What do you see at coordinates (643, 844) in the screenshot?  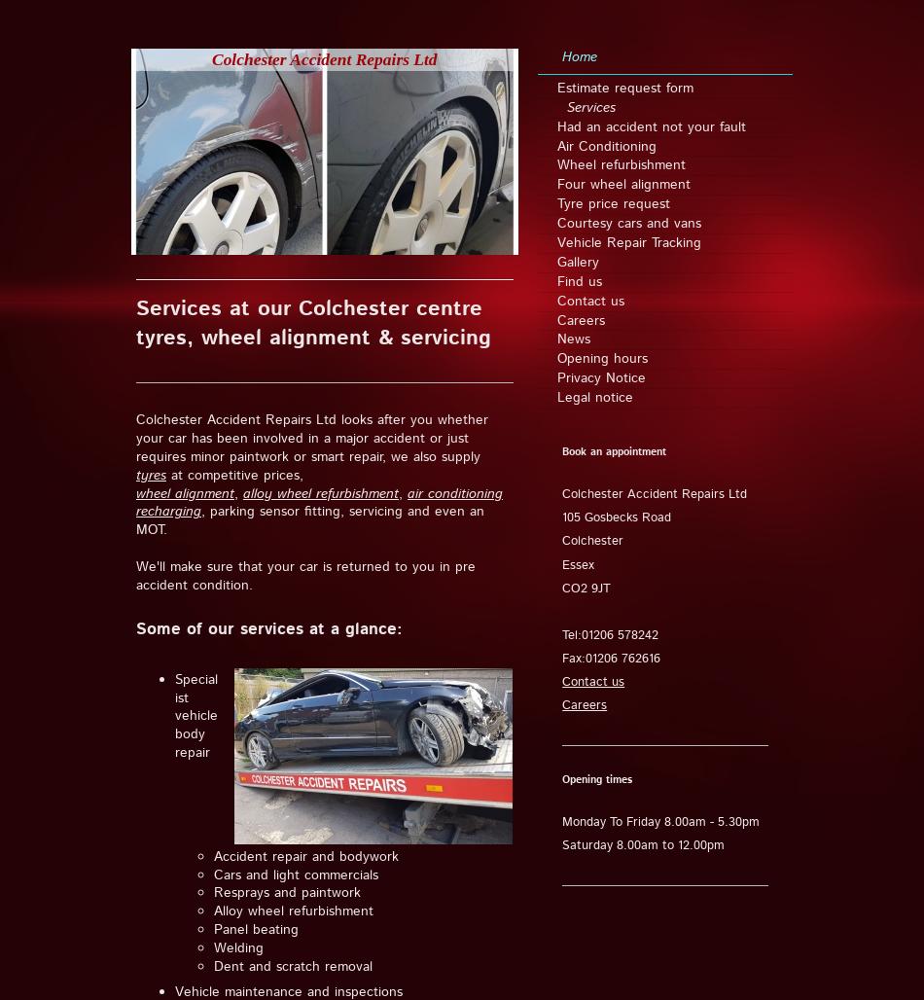 I see `'Saturday 8.00am to 12.00pm'` at bounding box center [643, 844].